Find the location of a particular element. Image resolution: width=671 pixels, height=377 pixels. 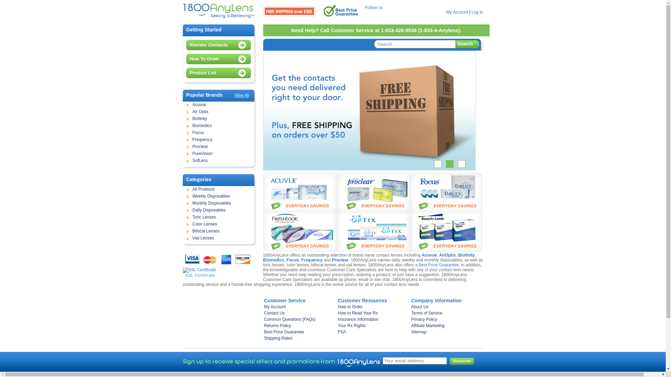

'Affiliate Marketing' is located at coordinates (445, 326).